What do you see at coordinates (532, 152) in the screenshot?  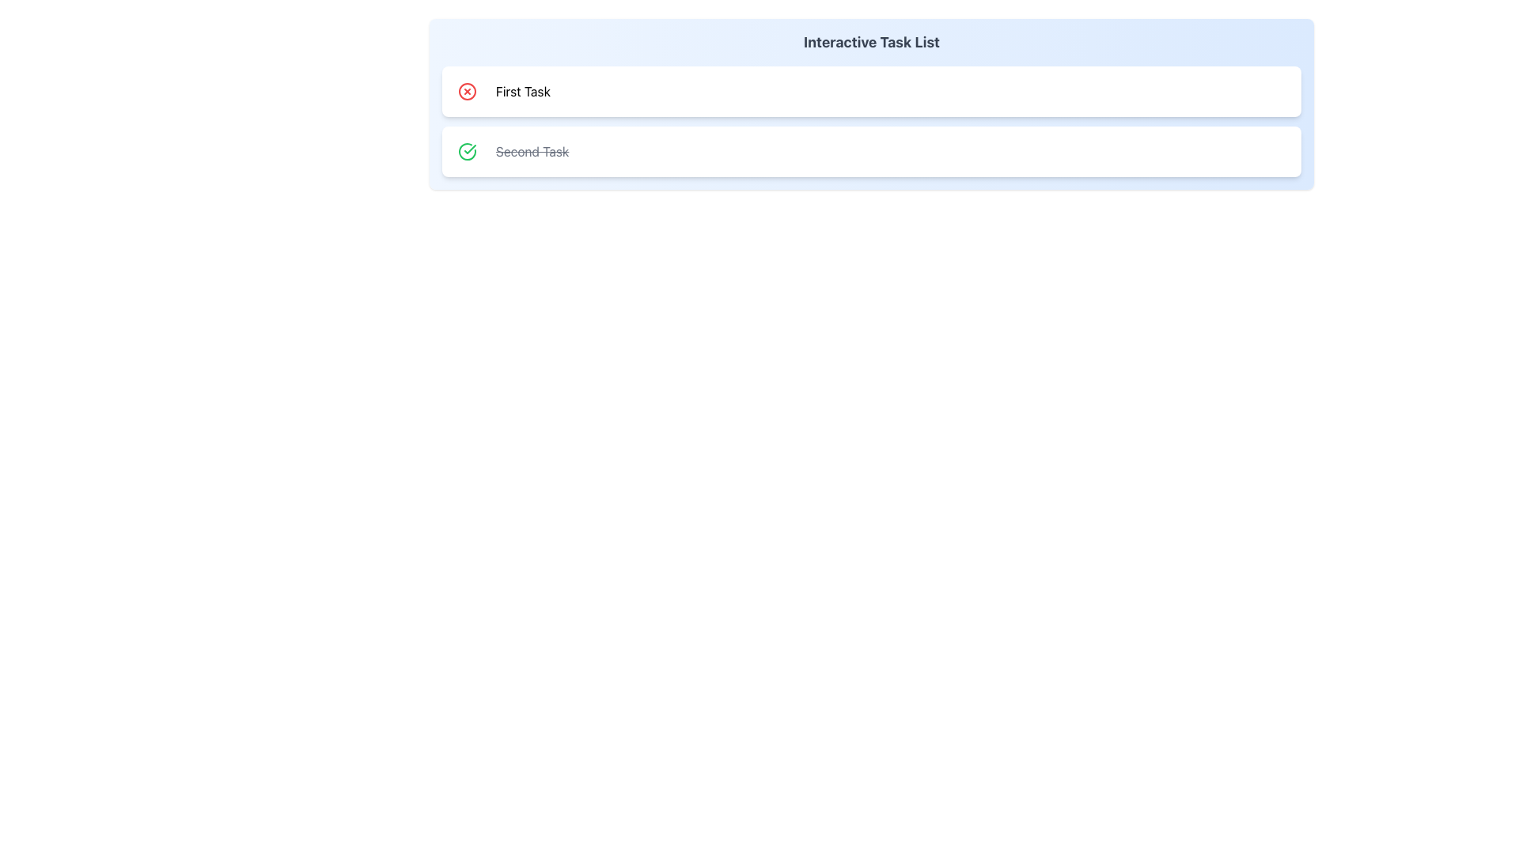 I see `the text label displaying 'Second Task' that indicates a completed status with a line-through style, located to the right of a green completed task icon in the task list` at bounding box center [532, 152].